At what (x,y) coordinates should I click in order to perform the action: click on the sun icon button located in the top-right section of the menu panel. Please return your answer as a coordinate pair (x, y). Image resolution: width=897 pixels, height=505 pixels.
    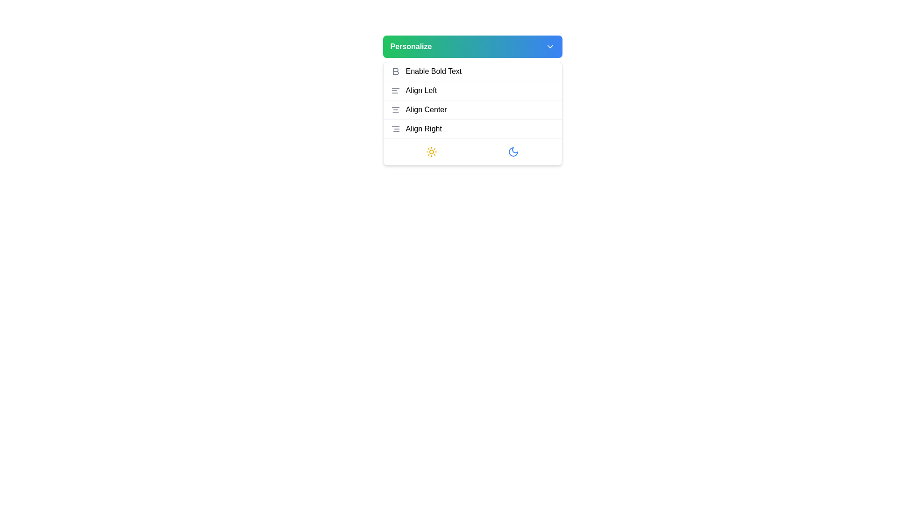
    Looking at the image, I should click on (431, 151).